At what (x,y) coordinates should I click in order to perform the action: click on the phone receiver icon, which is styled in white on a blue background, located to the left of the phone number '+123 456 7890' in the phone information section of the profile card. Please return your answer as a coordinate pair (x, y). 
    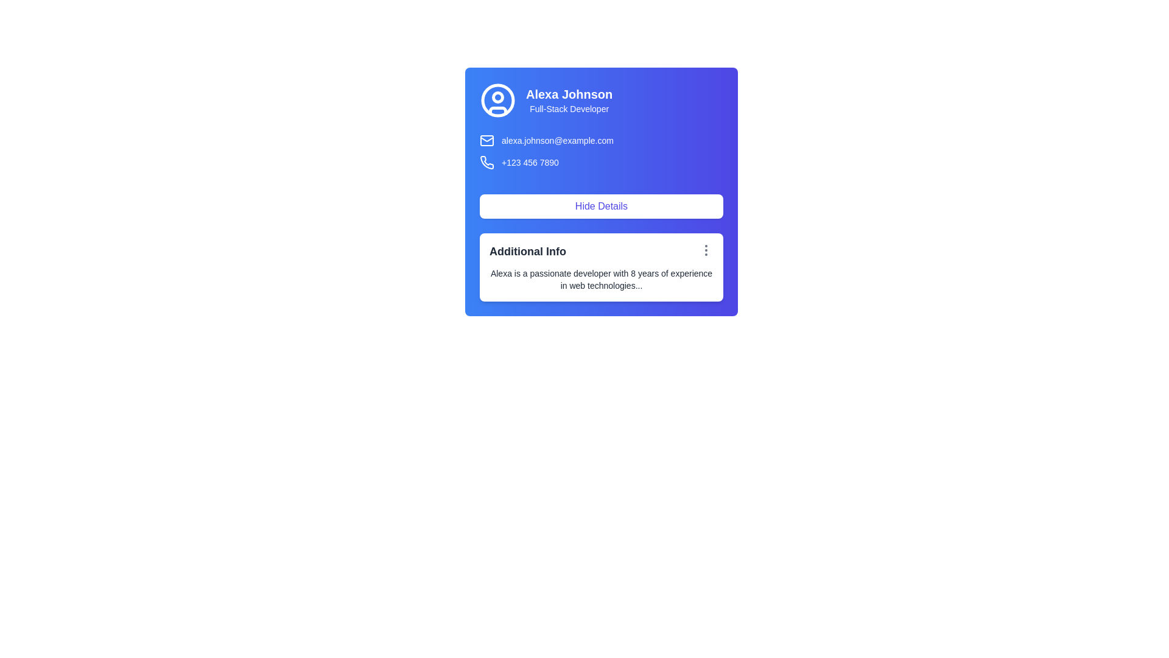
    Looking at the image, I should click on (487, 161).